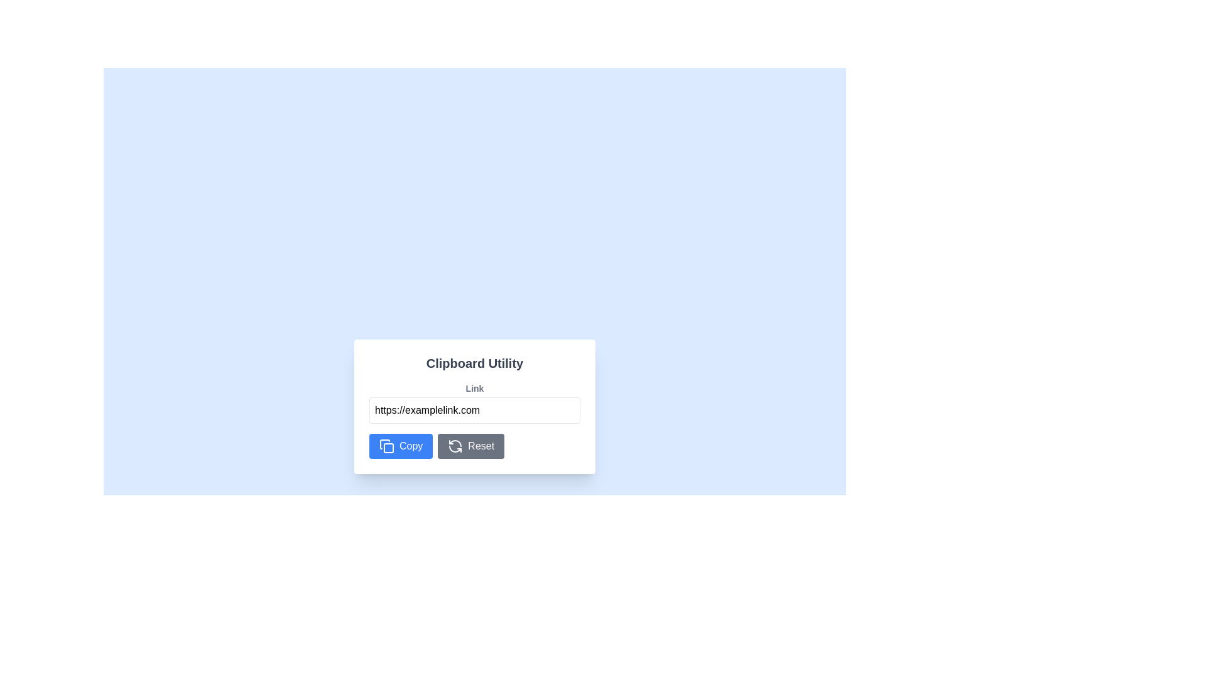 This screenshot has height=678, width=1206. Describe the element at coordinates (386, 445) in the screenshot. I see `the copy action icon, which resembles two overlapping squares with a blue background, located to the left of the text 'Copy' within the 'Copy' button at the bottom-left corner of the central card` at that location.